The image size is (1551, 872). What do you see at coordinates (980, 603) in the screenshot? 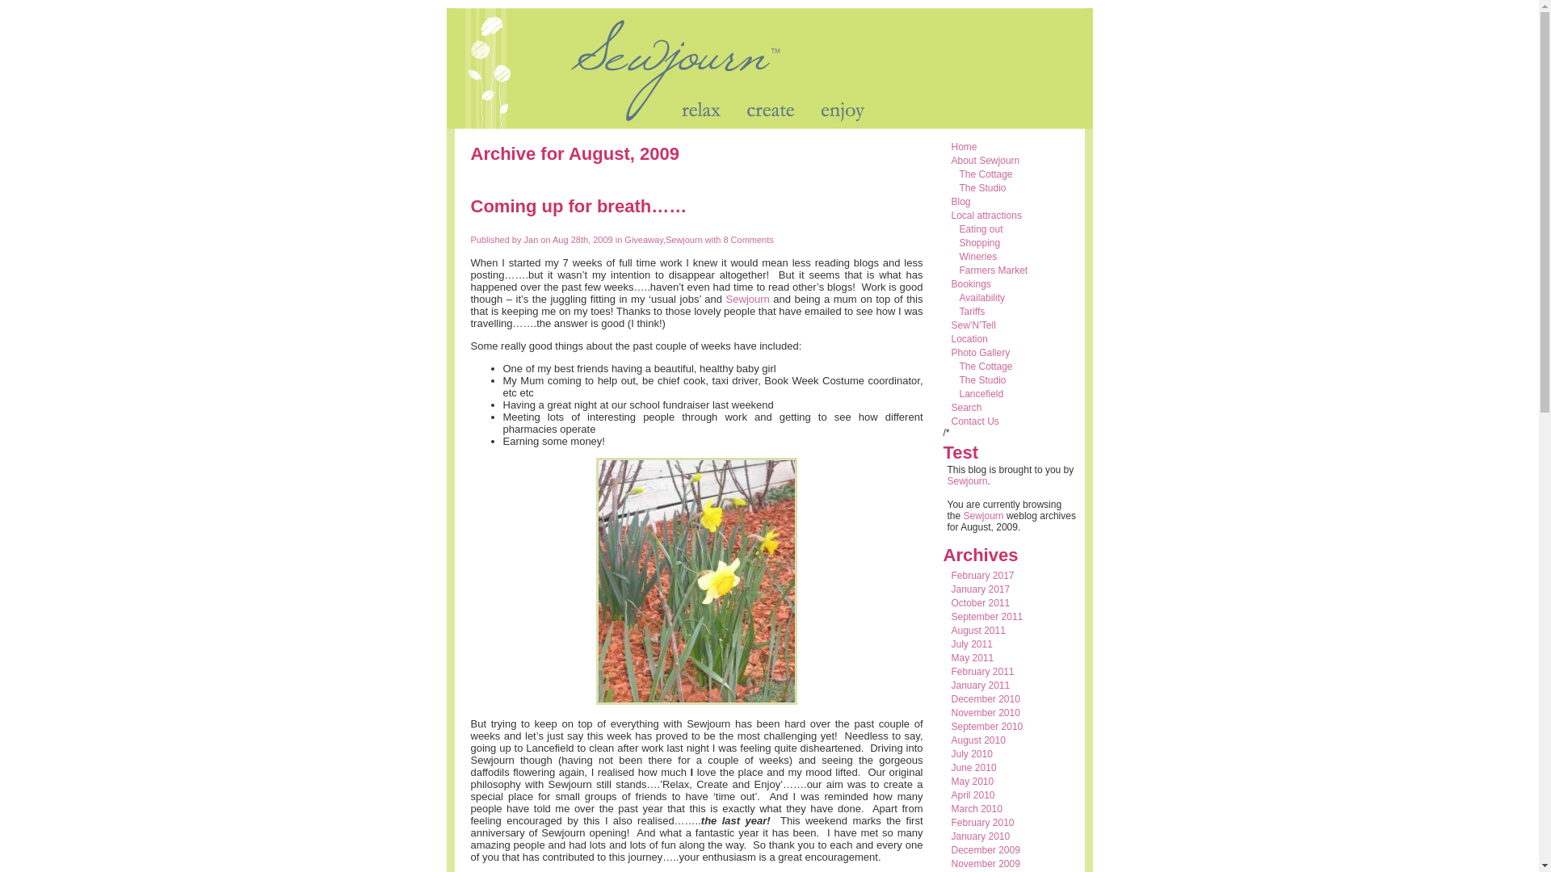
I see `'October 2011'` at bounding box center [980, 603].